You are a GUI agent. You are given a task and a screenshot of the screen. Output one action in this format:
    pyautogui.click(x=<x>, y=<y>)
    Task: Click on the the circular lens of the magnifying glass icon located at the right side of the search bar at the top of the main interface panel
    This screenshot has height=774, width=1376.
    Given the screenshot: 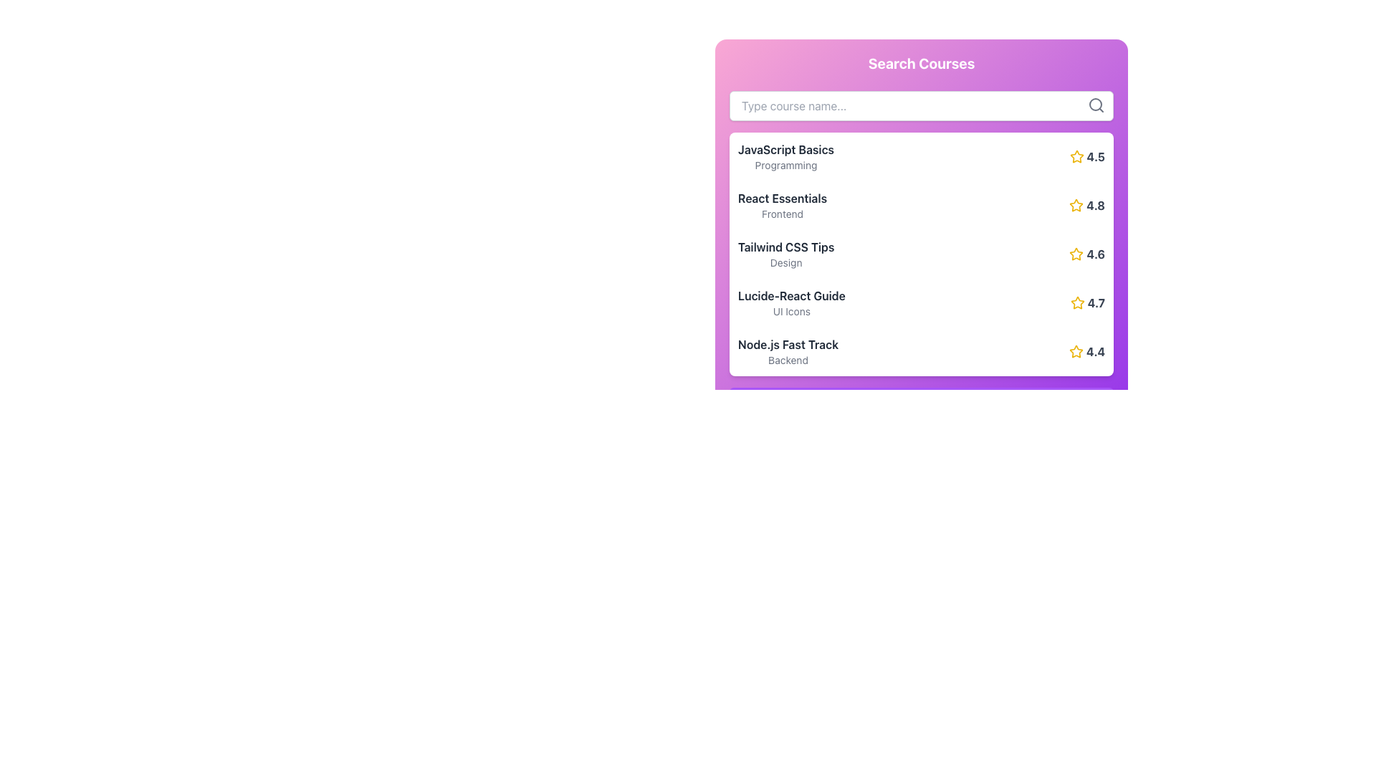 What is the action you would take?
    pyautogui.click(x=1095, y=104)
    